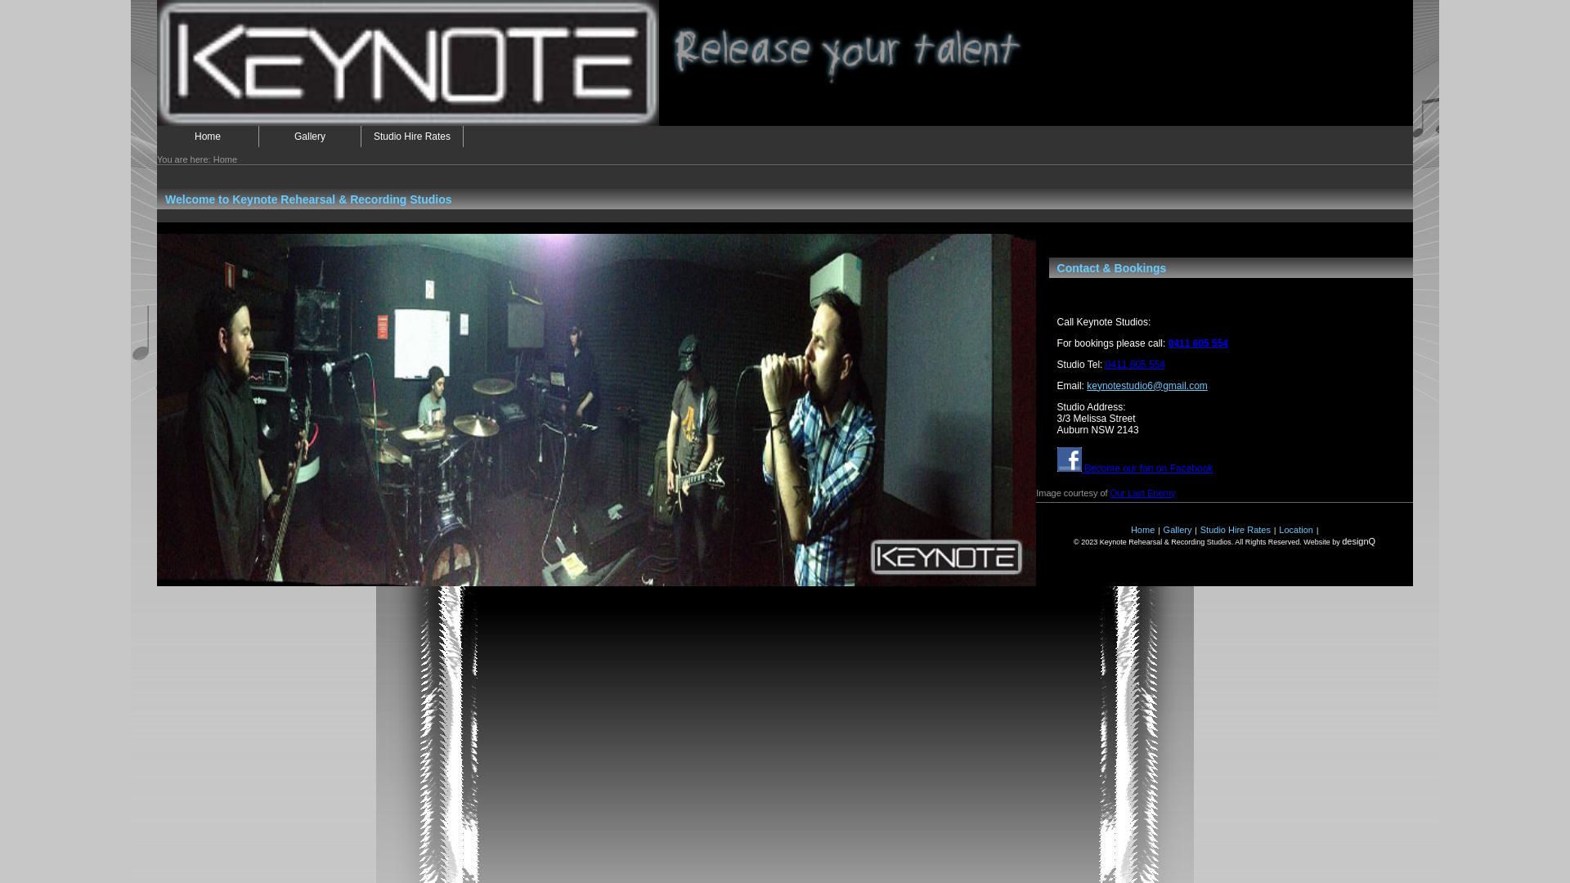 Image resolution: width=1570 pixels, height=883 pixels. Describe the element at coordinates (1134, 364) in the screenshot. I see `'0411 605 554'` at that location.